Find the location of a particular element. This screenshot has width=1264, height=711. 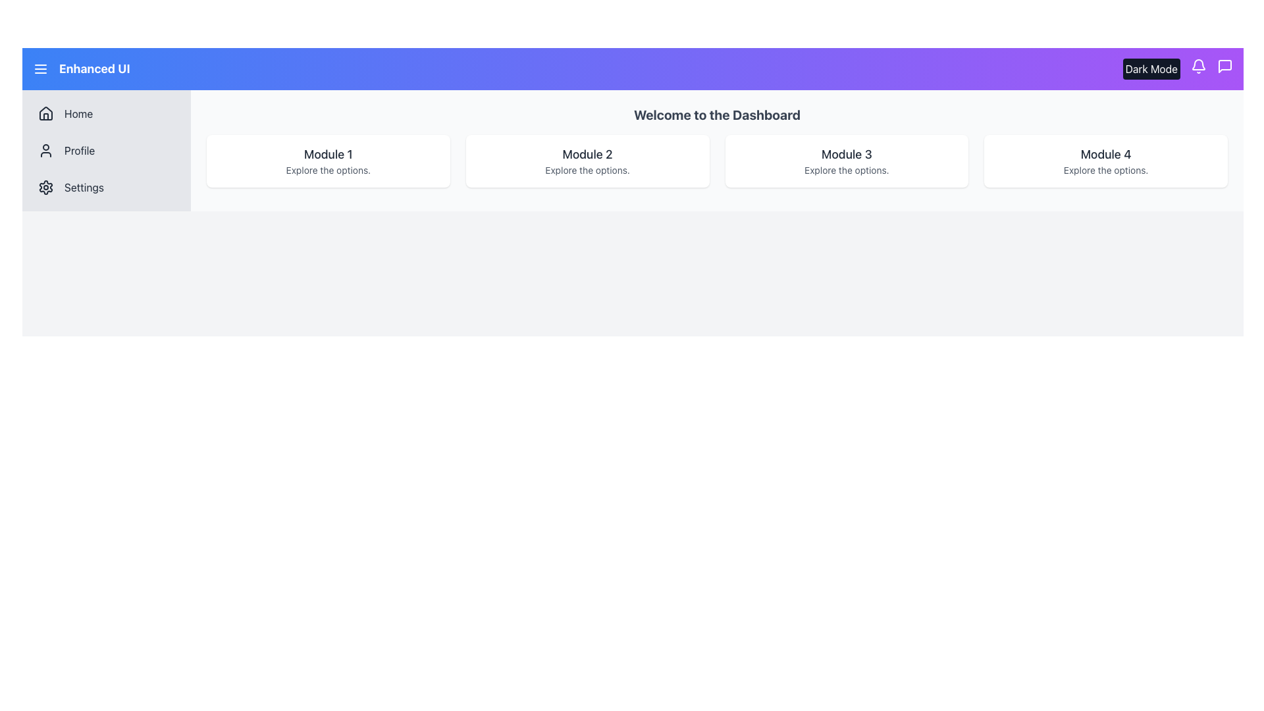

any item in the vertical navigation menu, which includes 'Home', 'Profile', and 'Settings' is located at coordinates (107, 149).